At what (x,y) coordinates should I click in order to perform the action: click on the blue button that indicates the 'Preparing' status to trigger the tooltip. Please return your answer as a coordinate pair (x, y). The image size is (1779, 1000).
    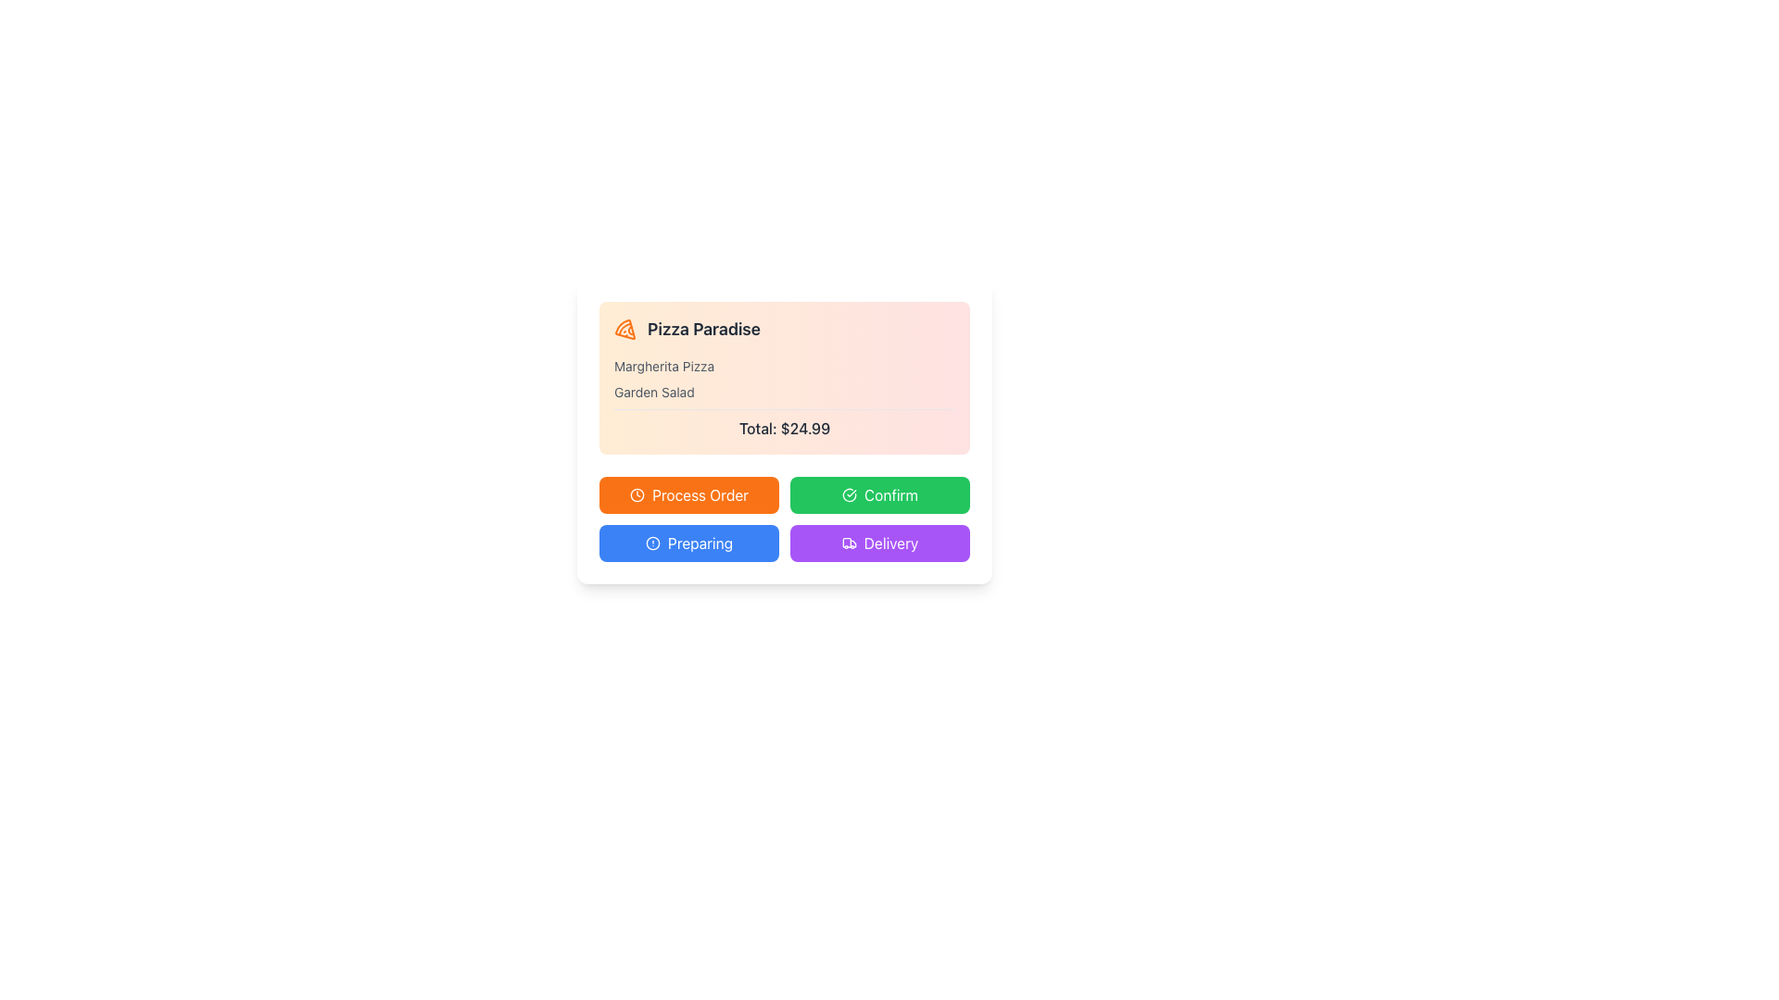
    Looking at the image, I should click on (699, 542).